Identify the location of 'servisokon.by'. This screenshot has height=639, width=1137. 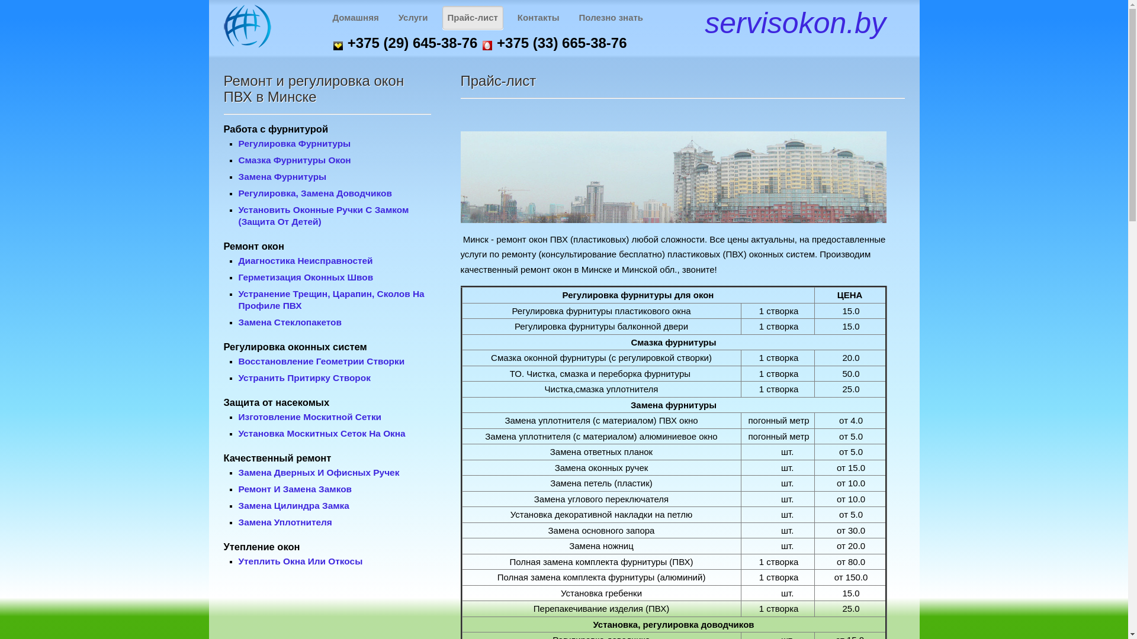
(795, 22).